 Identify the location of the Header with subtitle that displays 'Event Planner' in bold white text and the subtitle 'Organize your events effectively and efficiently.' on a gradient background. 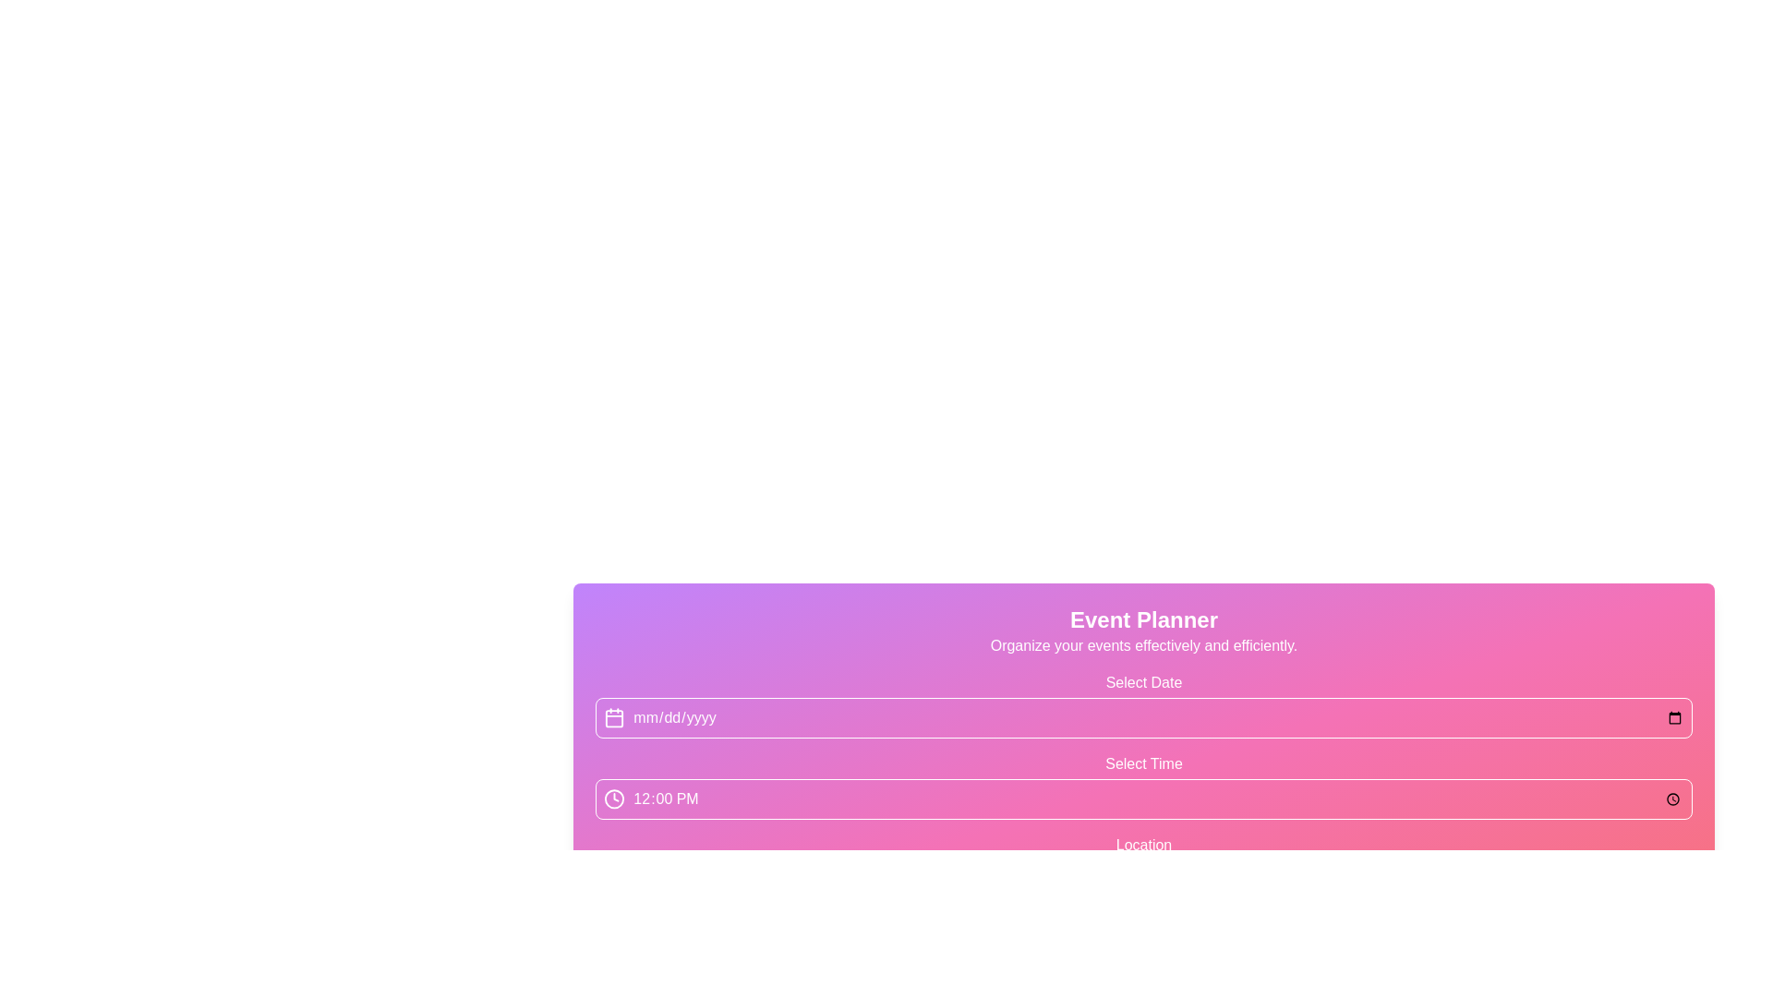
(1142, 630).